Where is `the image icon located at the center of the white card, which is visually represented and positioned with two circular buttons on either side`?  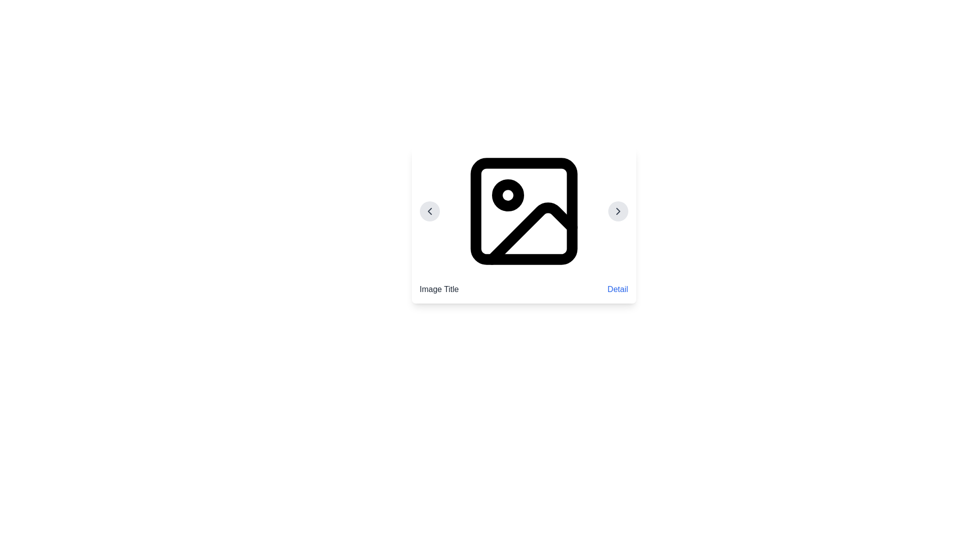 the image icon located at the center of the white card, which is visually represented and positioned with two circular buttons on either side is located at coordinates (523, 210).